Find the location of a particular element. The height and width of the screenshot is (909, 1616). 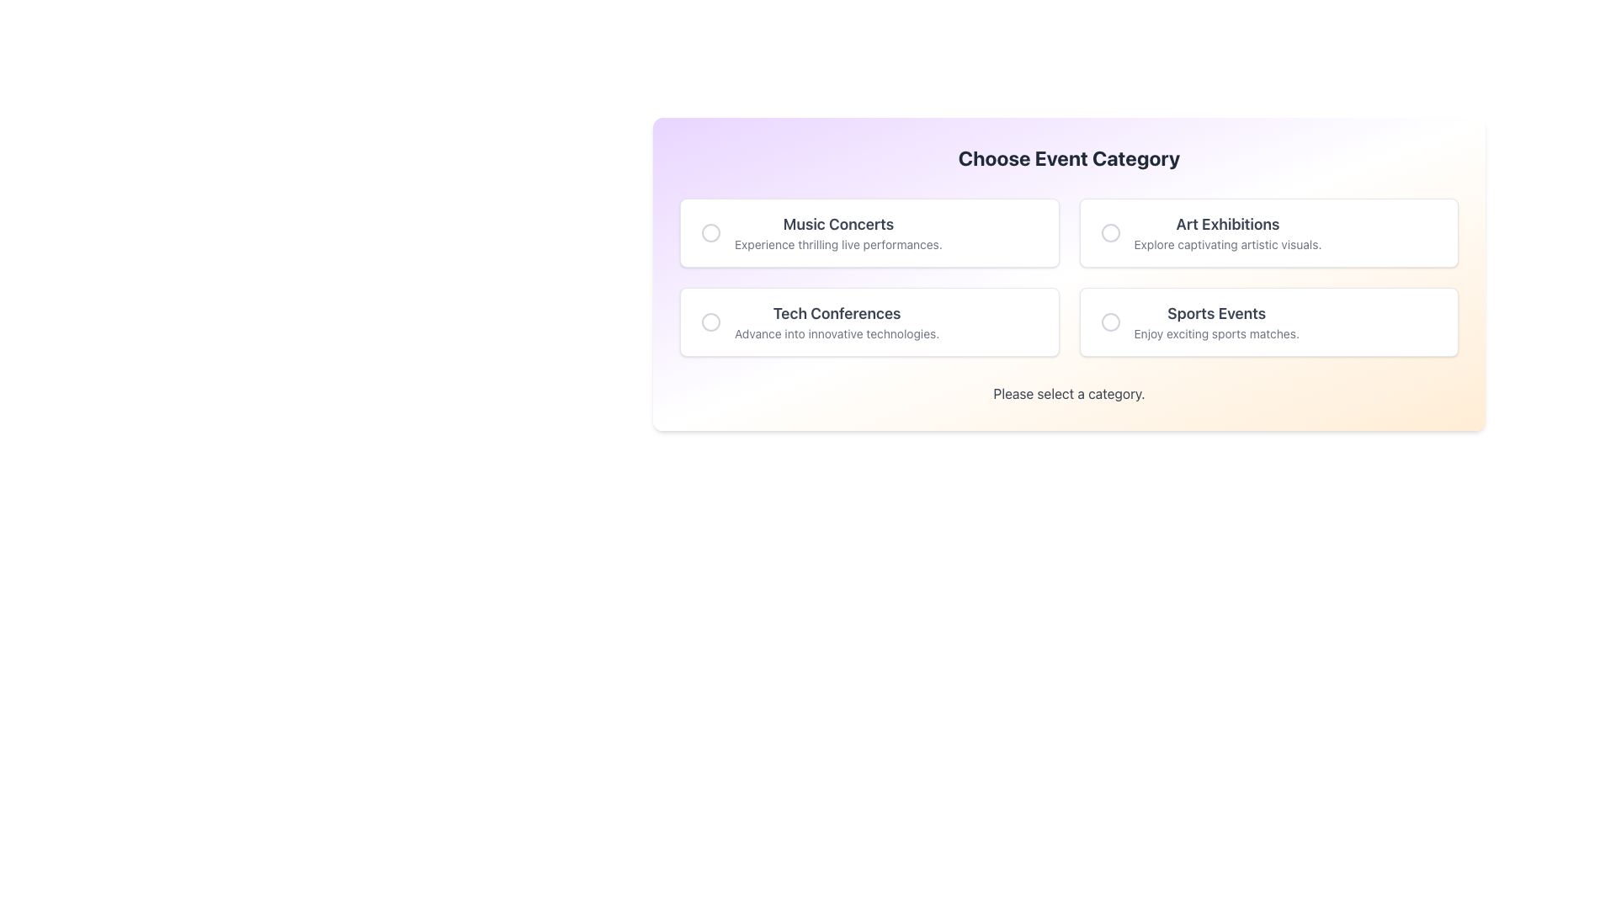

the 'Art Exhibitions' text block, which is part of a rectangular card located in the top-right of a 2x2 grid is located at coordinates (1228, 233).